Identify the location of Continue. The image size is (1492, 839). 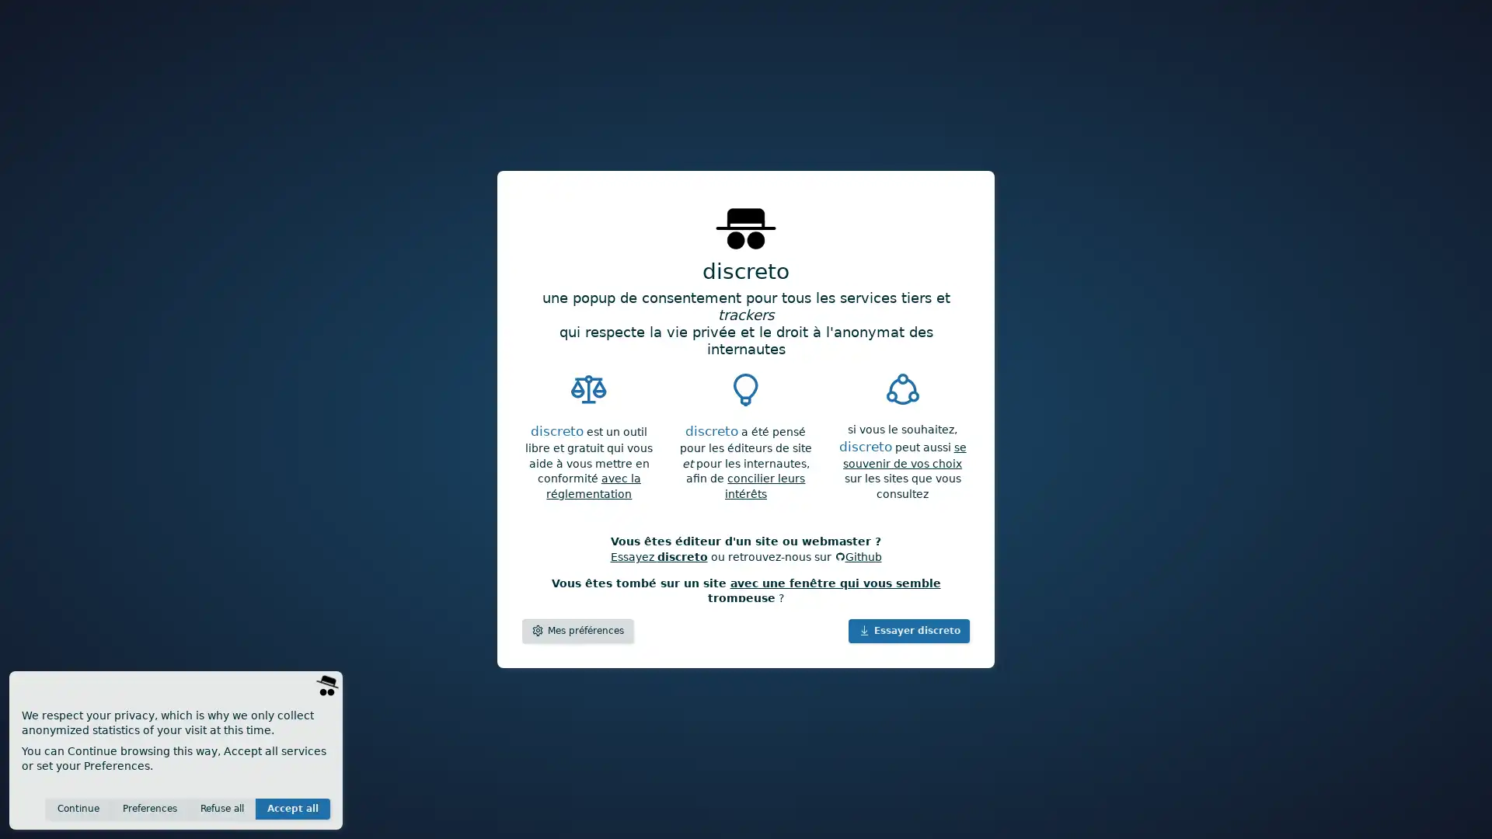
(77, 808).